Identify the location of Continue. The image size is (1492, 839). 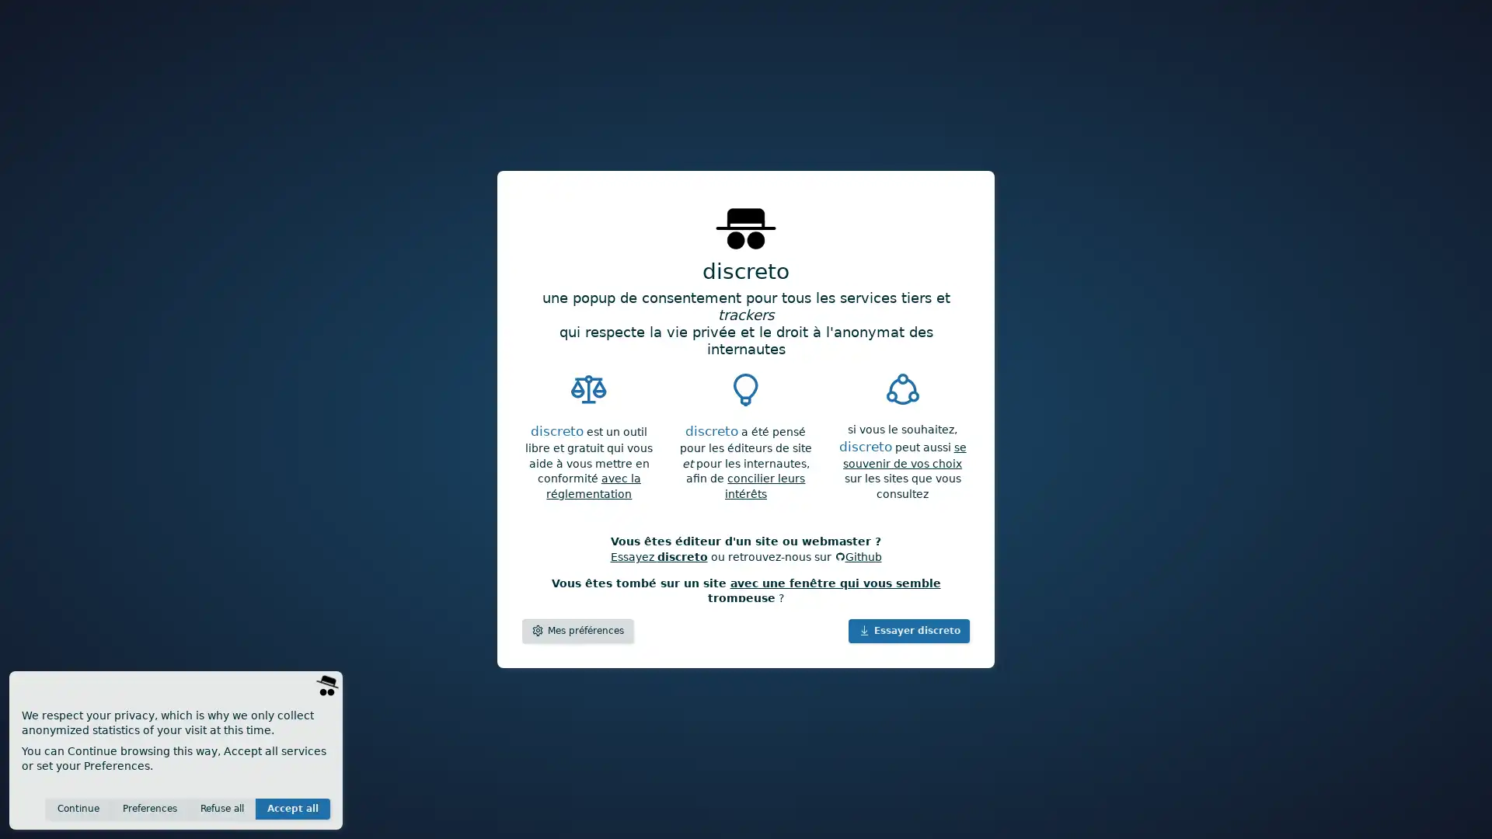
(77, 808).